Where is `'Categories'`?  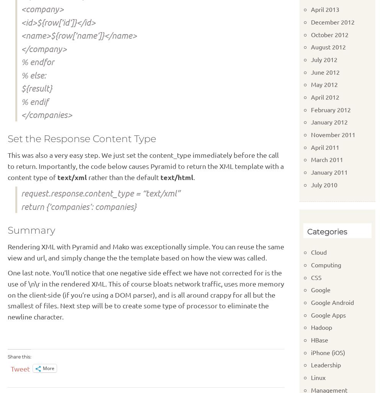
'Categories' is located at coordinates (326, 231).